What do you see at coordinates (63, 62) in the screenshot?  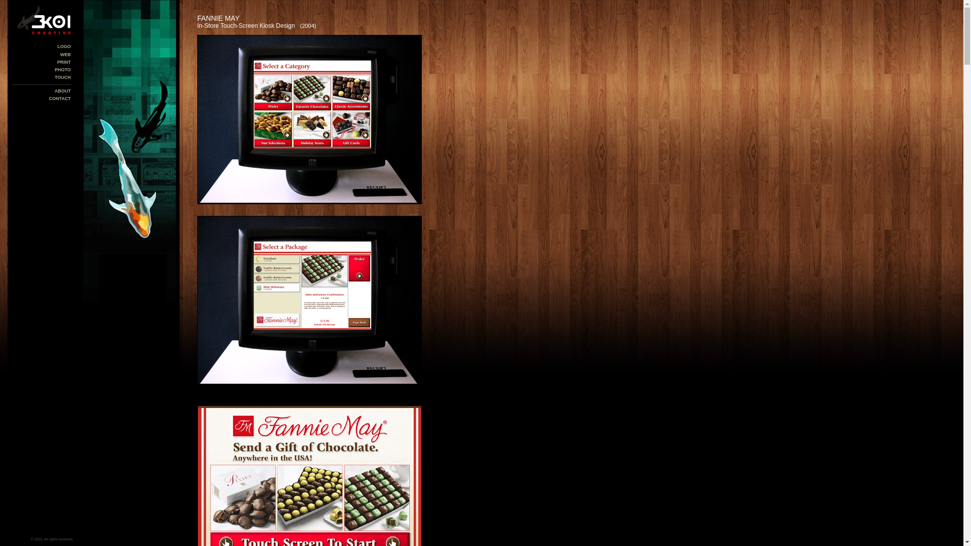 I see `'PRINT'` at bounding box center [63, 62].